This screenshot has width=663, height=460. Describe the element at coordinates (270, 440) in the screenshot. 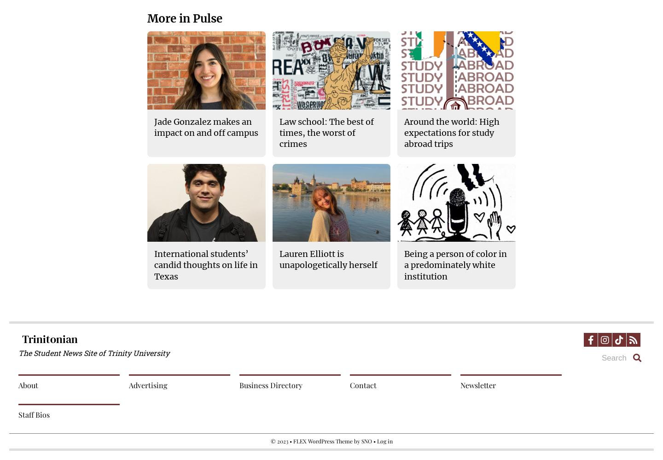

I see `'© 2023  •'` at that location.